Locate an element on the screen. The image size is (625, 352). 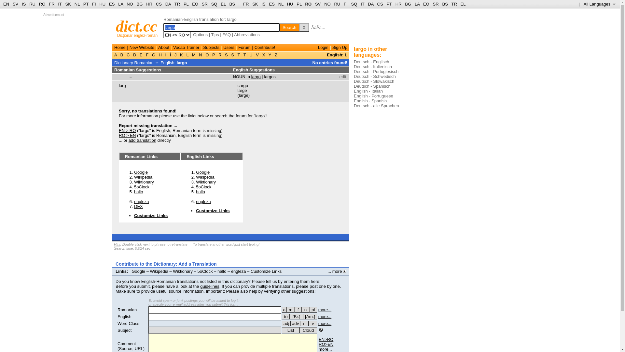
'R' is located at coordinates (220, 54).